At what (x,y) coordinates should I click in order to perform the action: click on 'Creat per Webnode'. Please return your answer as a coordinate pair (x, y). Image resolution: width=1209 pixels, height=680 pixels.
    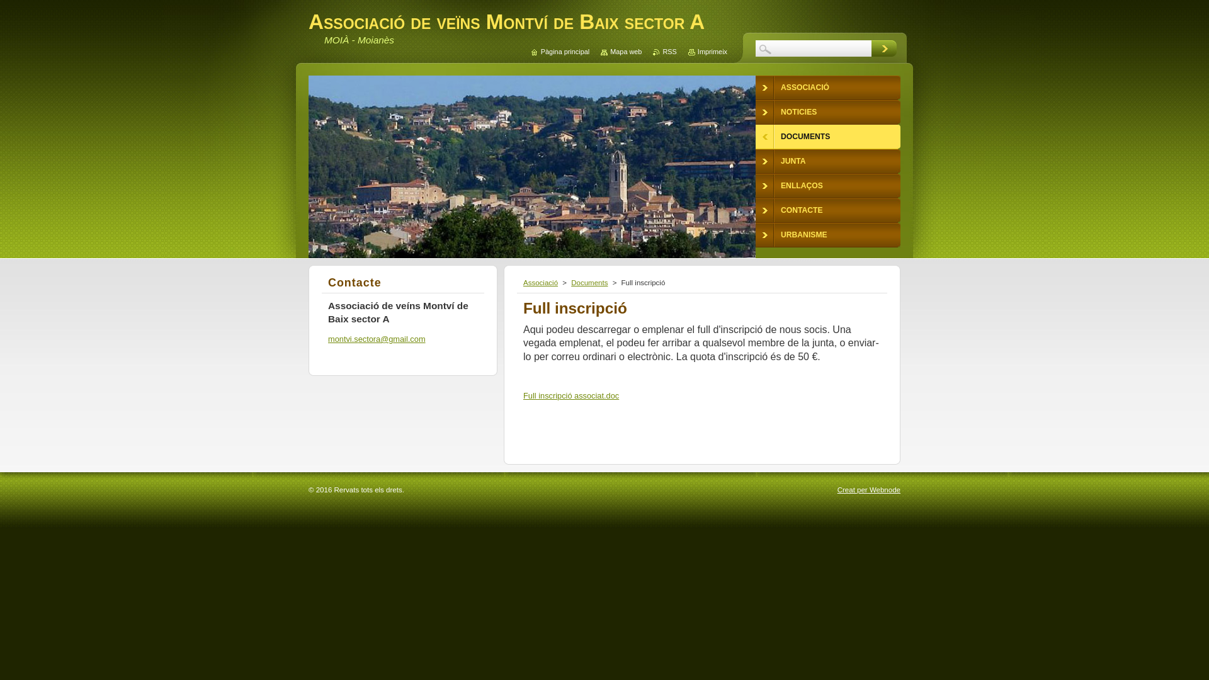
    Looking at the image, I should click on (868, 489).